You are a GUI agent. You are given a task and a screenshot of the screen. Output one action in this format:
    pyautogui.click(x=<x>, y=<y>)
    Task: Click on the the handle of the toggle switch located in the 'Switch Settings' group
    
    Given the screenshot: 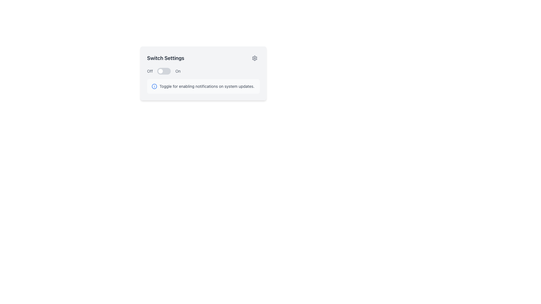 What is the action you would take?
    pyautogui.click(x=160, y=71)
    